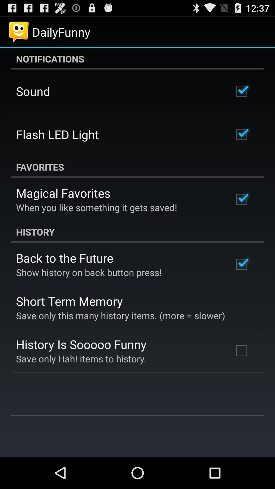 Image resolution: width=275 pixels, height=489 pixels. I want to click on the back to the item, so click(64, 258).